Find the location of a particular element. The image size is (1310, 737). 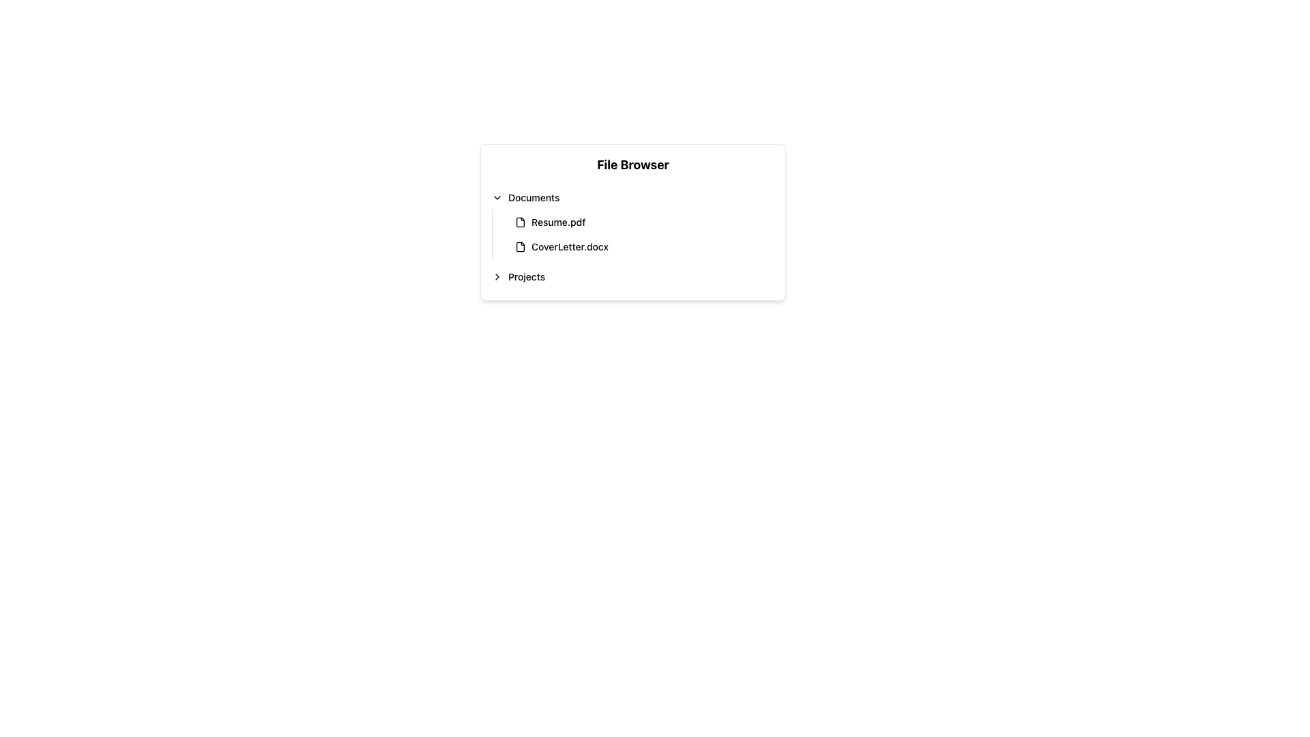

the 'Resume.pdf' file located within the expanded 'Documents' folder in the file browser interface is located at coordinates (632, 225).